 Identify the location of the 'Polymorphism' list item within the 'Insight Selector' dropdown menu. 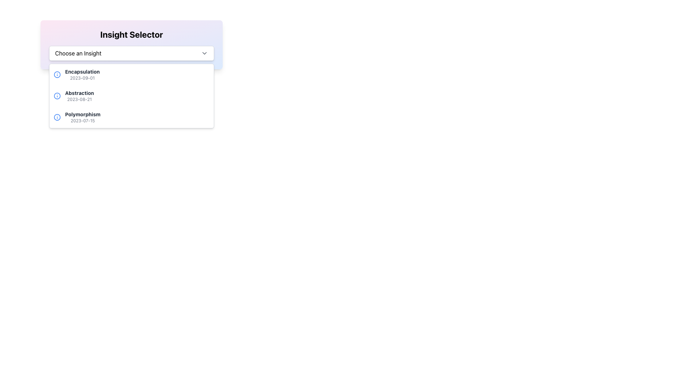
(83, 117).